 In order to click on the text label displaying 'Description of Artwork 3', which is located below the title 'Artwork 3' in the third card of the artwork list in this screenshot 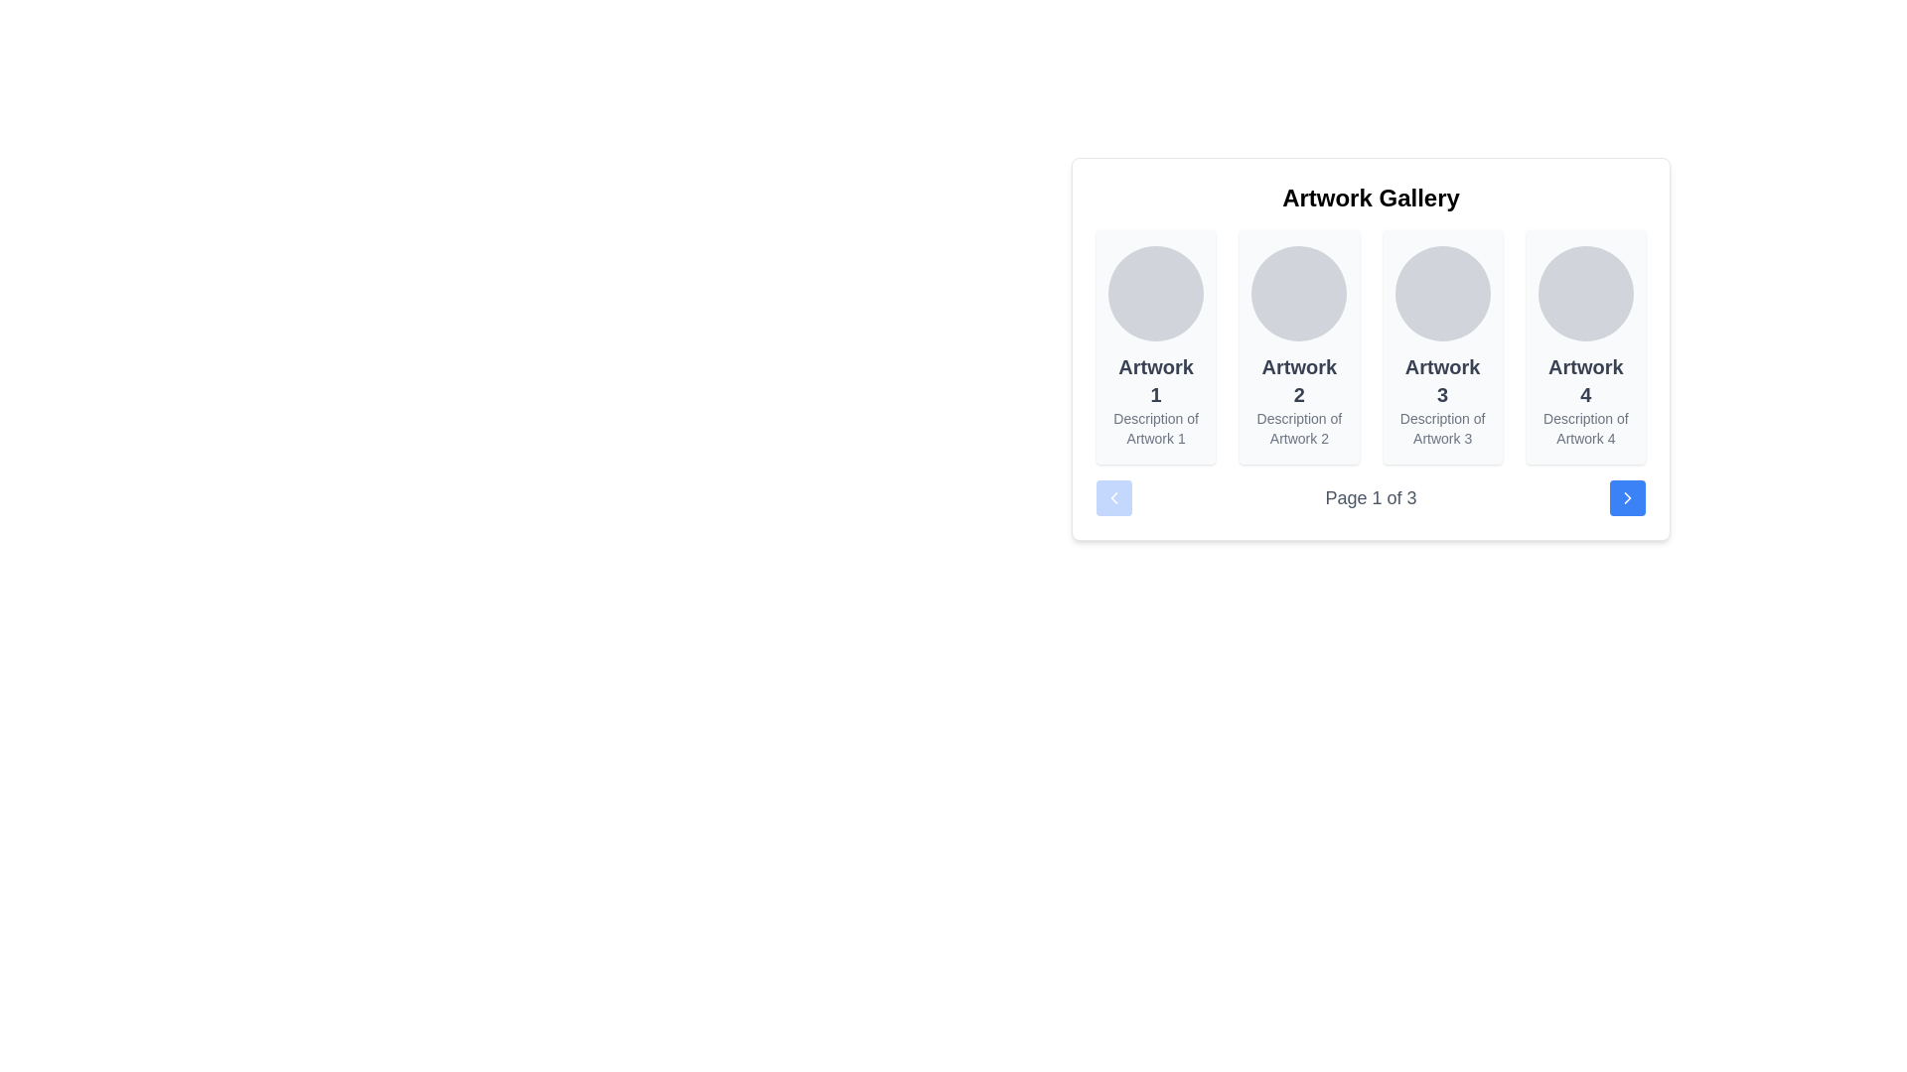, I will do `click(1442, 428)`.